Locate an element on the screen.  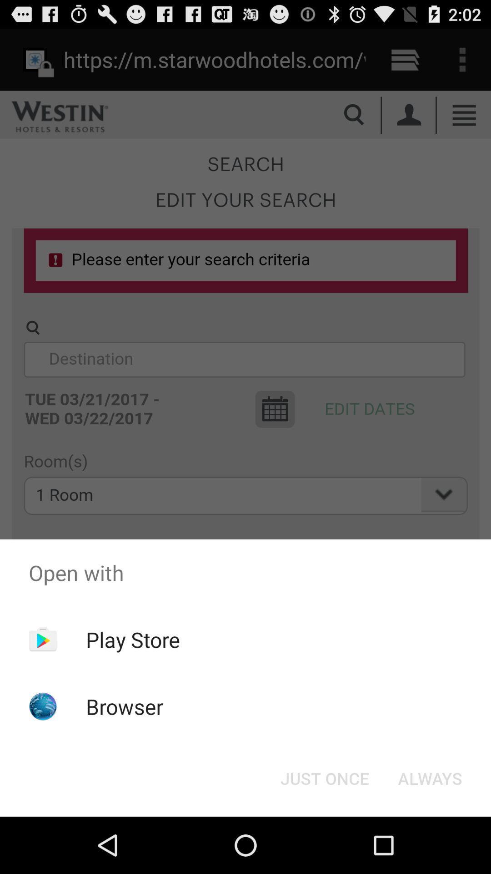
browser app is located at coordinates (125, 706).